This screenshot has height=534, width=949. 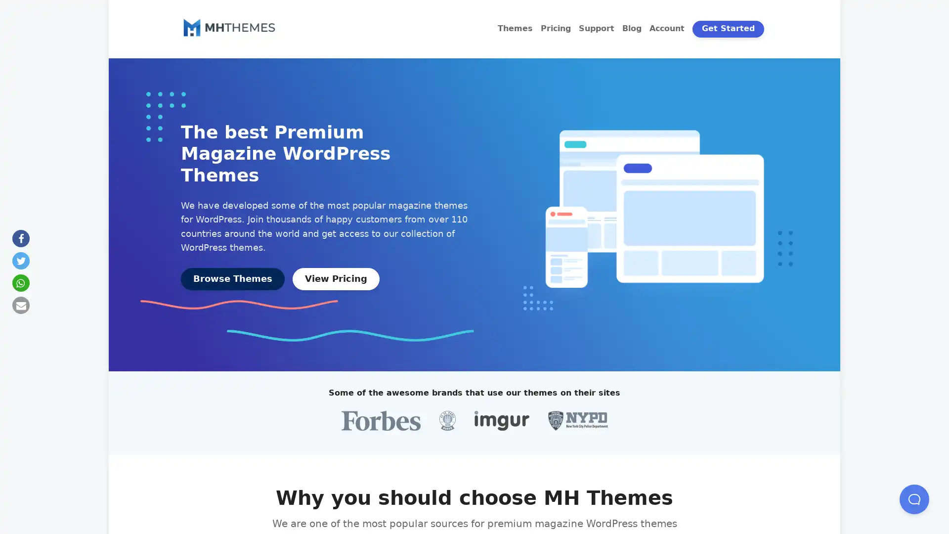 I want to click on Send by email, so click(x=21, y=305).